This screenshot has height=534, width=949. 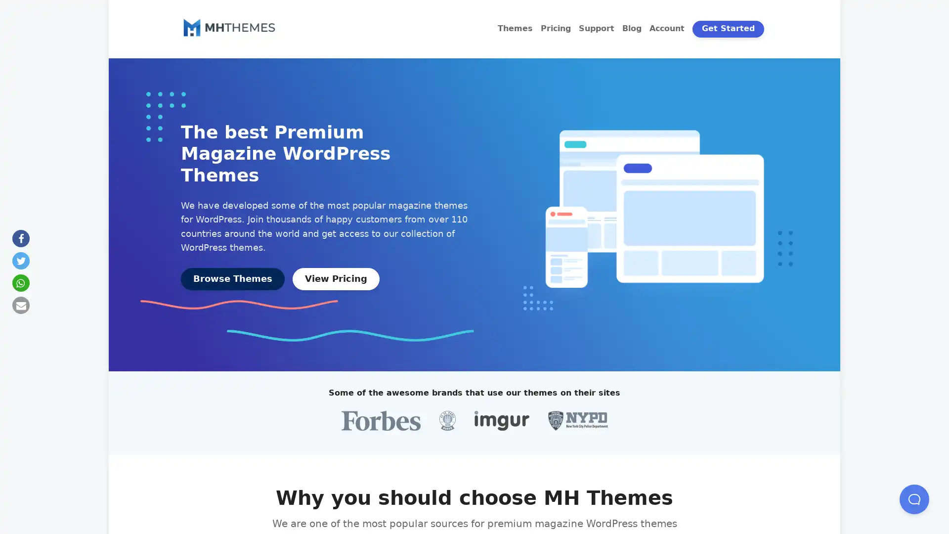 I want to click on Send by email, so click(x=21, y=305).